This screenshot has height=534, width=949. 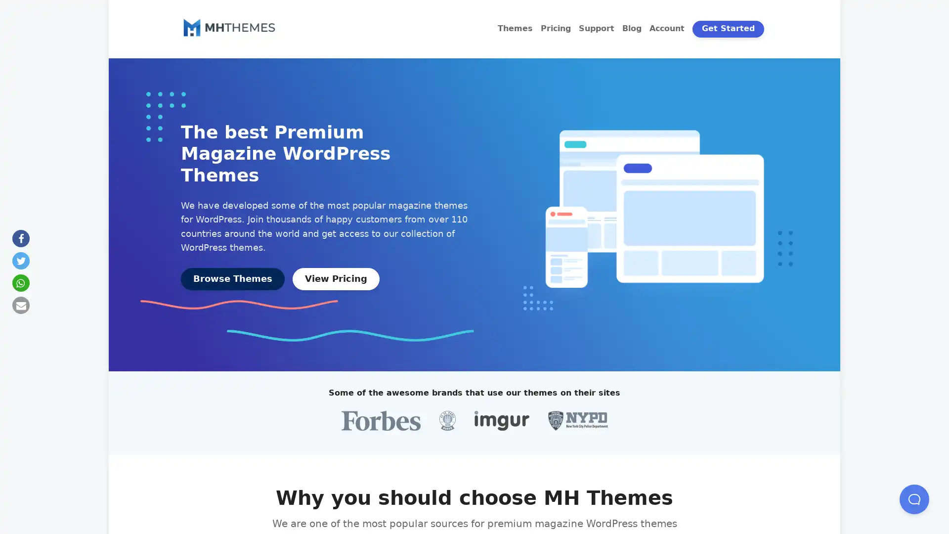 I want to click on Send by email, so click(x=21, y=305).